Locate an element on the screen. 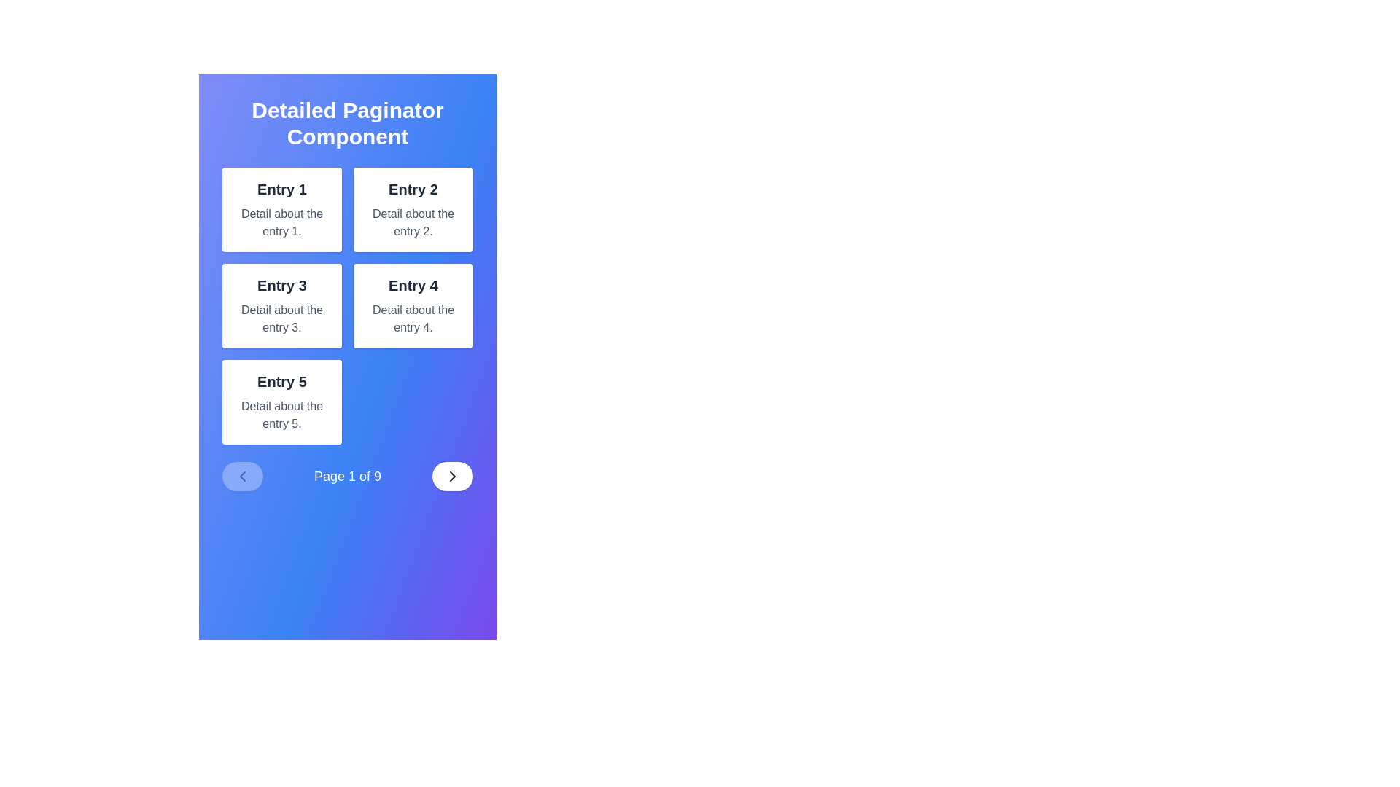 Image resolution: width=1400 pixels, height=787 pixels. an individual entry within the Grid Layout that is centrally positioned below the 'Detailed Paginator Component' header is located at coordinates (346, 305).